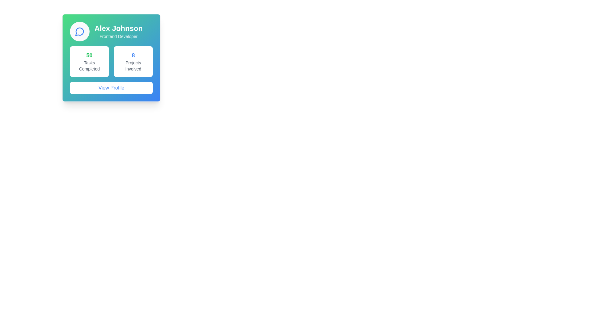 The image size is (589, 331). Describe the element at coordinates (89, 55) in the screenshot. I see `numerical value displayed on the Label indicating the count of completed tasks, which is centrally positioned in the left section of the summary card` at that location.